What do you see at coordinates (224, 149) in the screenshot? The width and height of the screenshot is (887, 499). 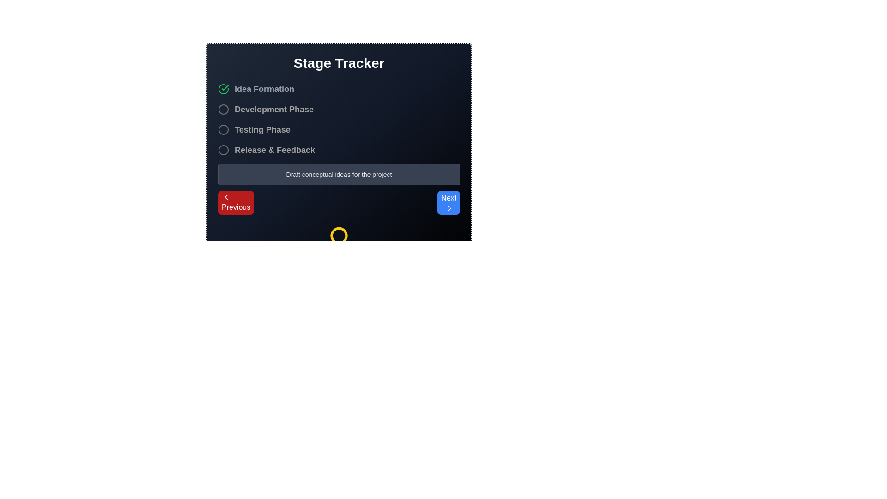 I see `the circular interactive icon located to the left of the 'Release & Feedback' text` at bounding box center [224, 149].